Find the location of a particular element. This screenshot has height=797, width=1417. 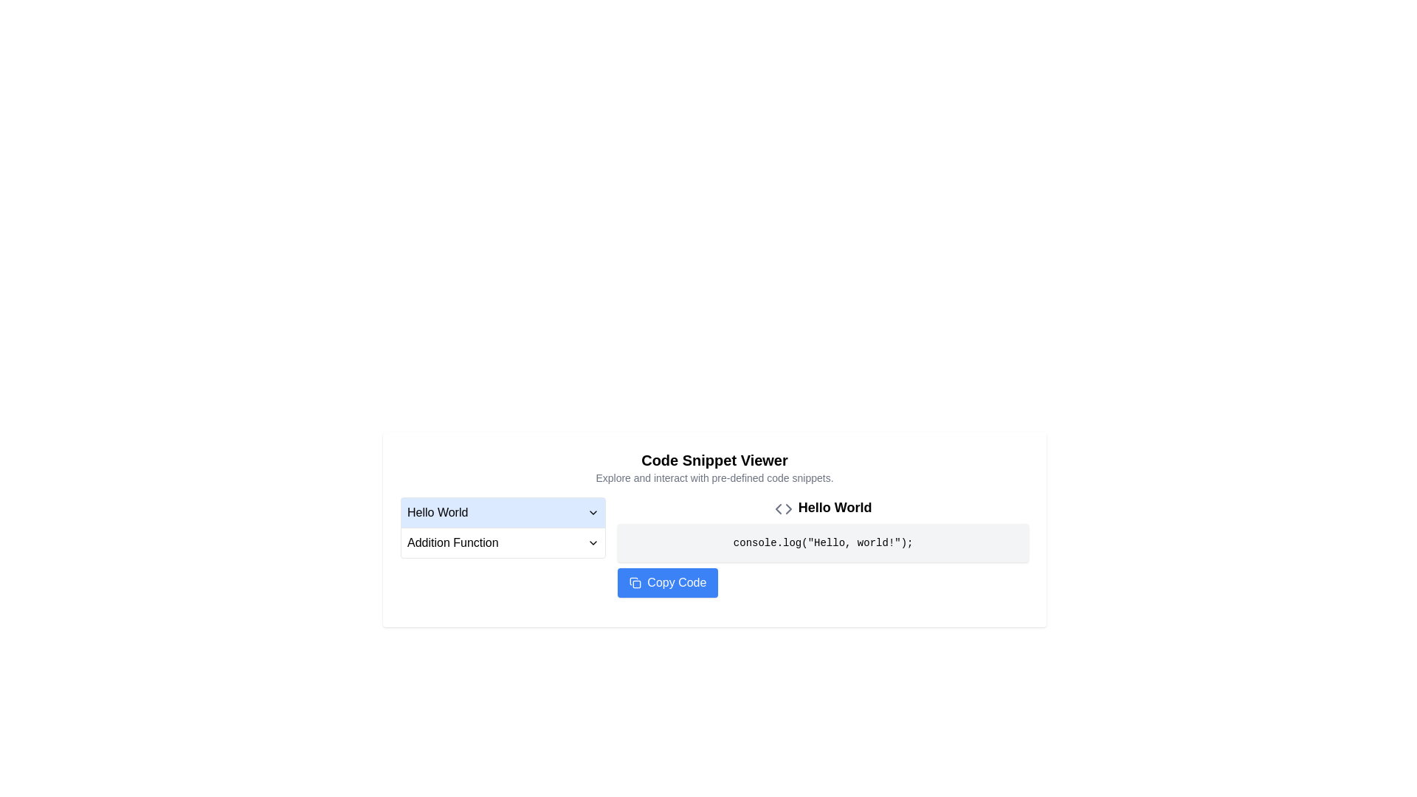

the downward-pointing chevron icon located at the upper-right corner of the 'Hello World' button is located at coordinates (593, 511).